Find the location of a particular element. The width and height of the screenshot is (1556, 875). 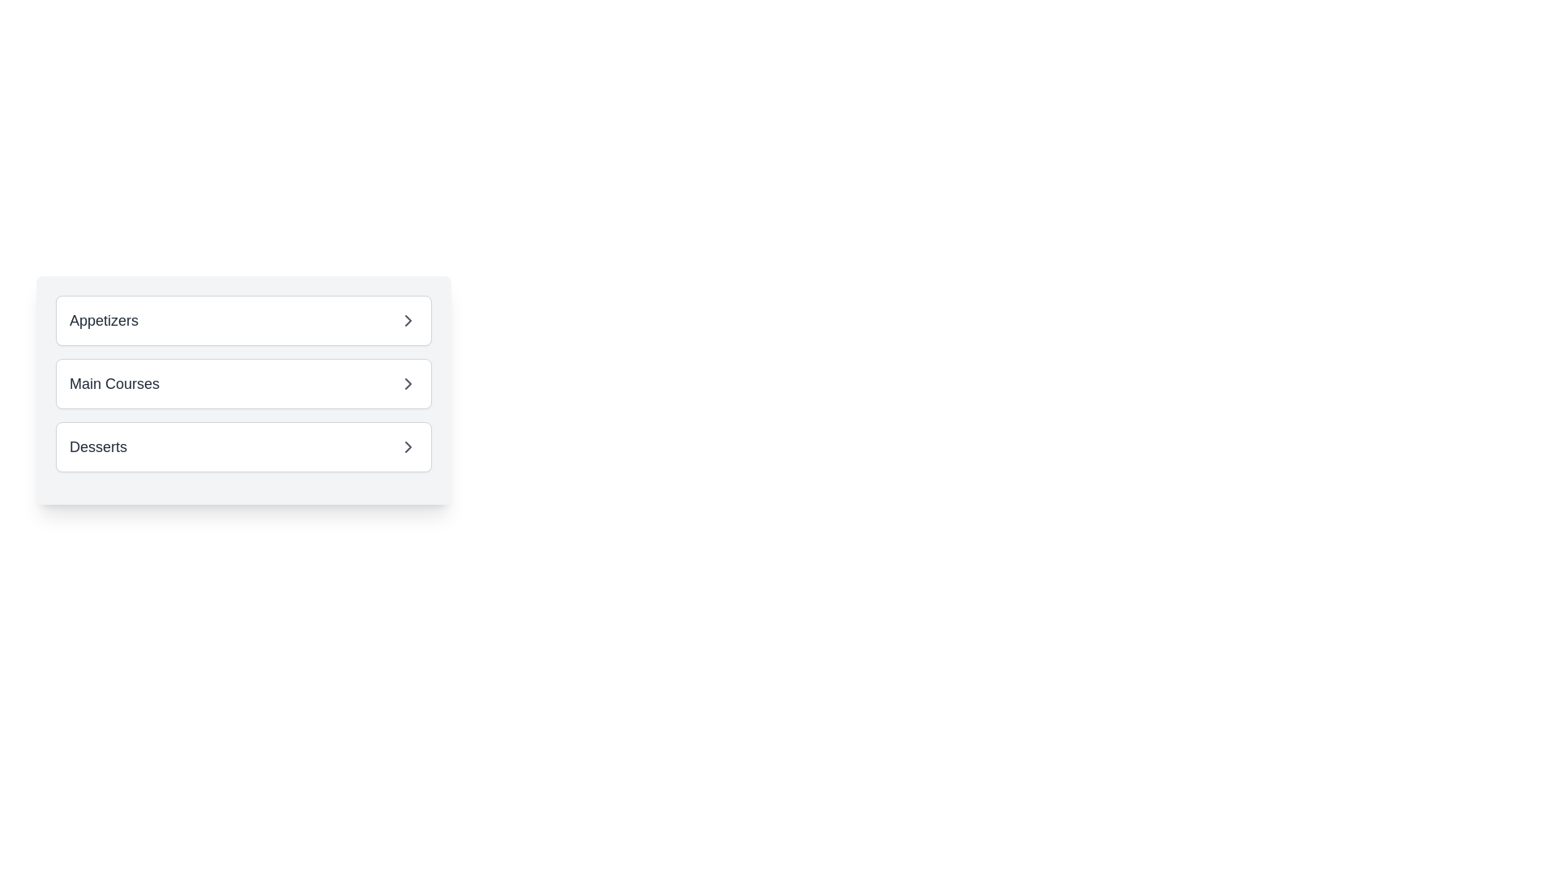

the Chevron icon located to the far right of the 'Appetizers' list item in the vertical menu is located at coordinates (408, 321).